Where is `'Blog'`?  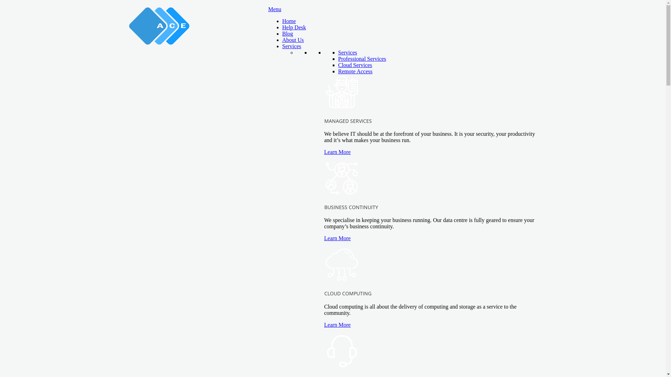 'Blog' is located at coordinates (288, 34).